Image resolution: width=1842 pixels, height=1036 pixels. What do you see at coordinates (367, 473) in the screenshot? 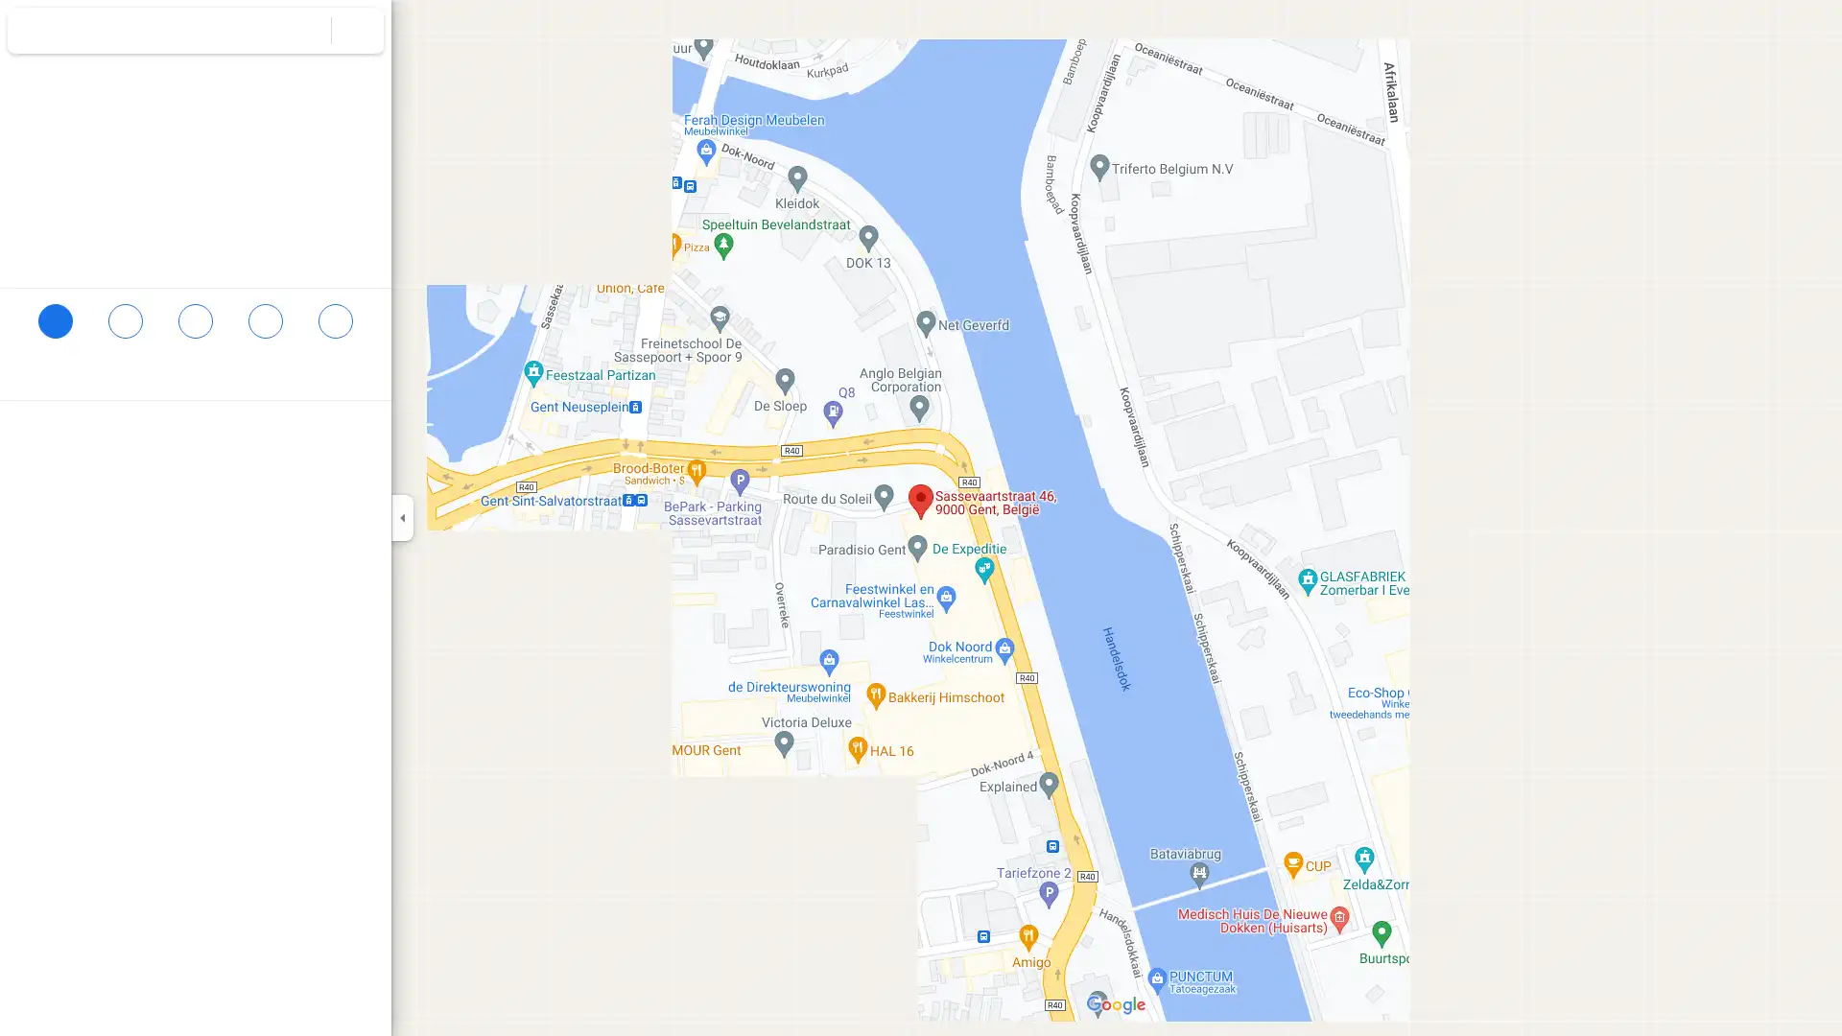
I see `Meer informatie over Plus Codes` at bounding box center [367, 473].